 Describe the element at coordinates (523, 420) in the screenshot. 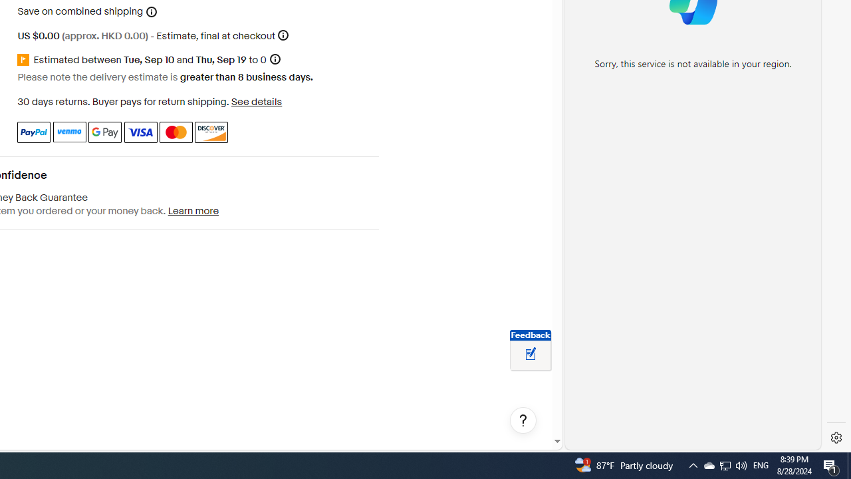

I see `'Help, opens dialogs'` at that location.